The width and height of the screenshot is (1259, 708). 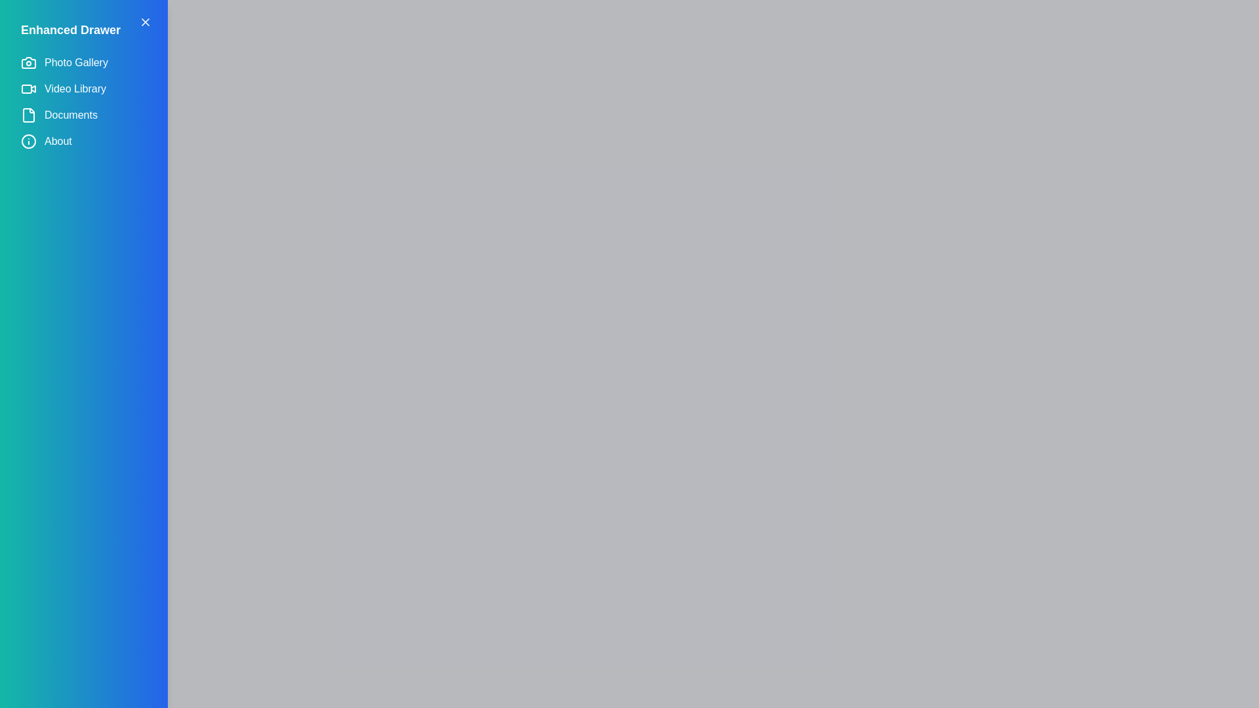 What do you see at coordinates (75, 63) in the screenshot?
I see `the 'Photo Gallery' text label in the vertical navigation menu, which is located to the right of a camera icon and underneath the menu header labeled 'Enhanced Drawer'` at bounding box center [75, 63].